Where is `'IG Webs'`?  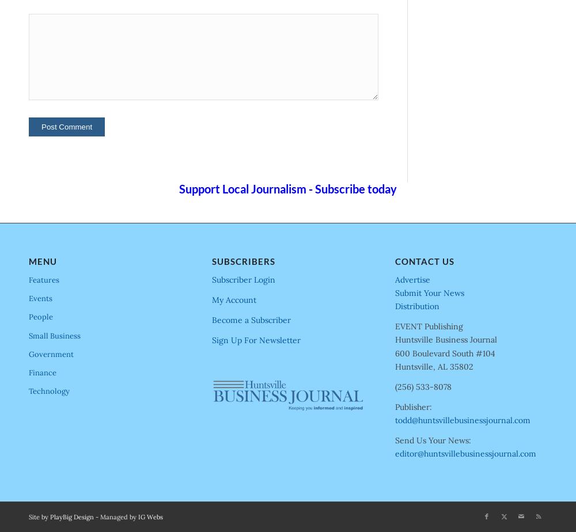 'IG Webs' is located at coordinates (150, 516).